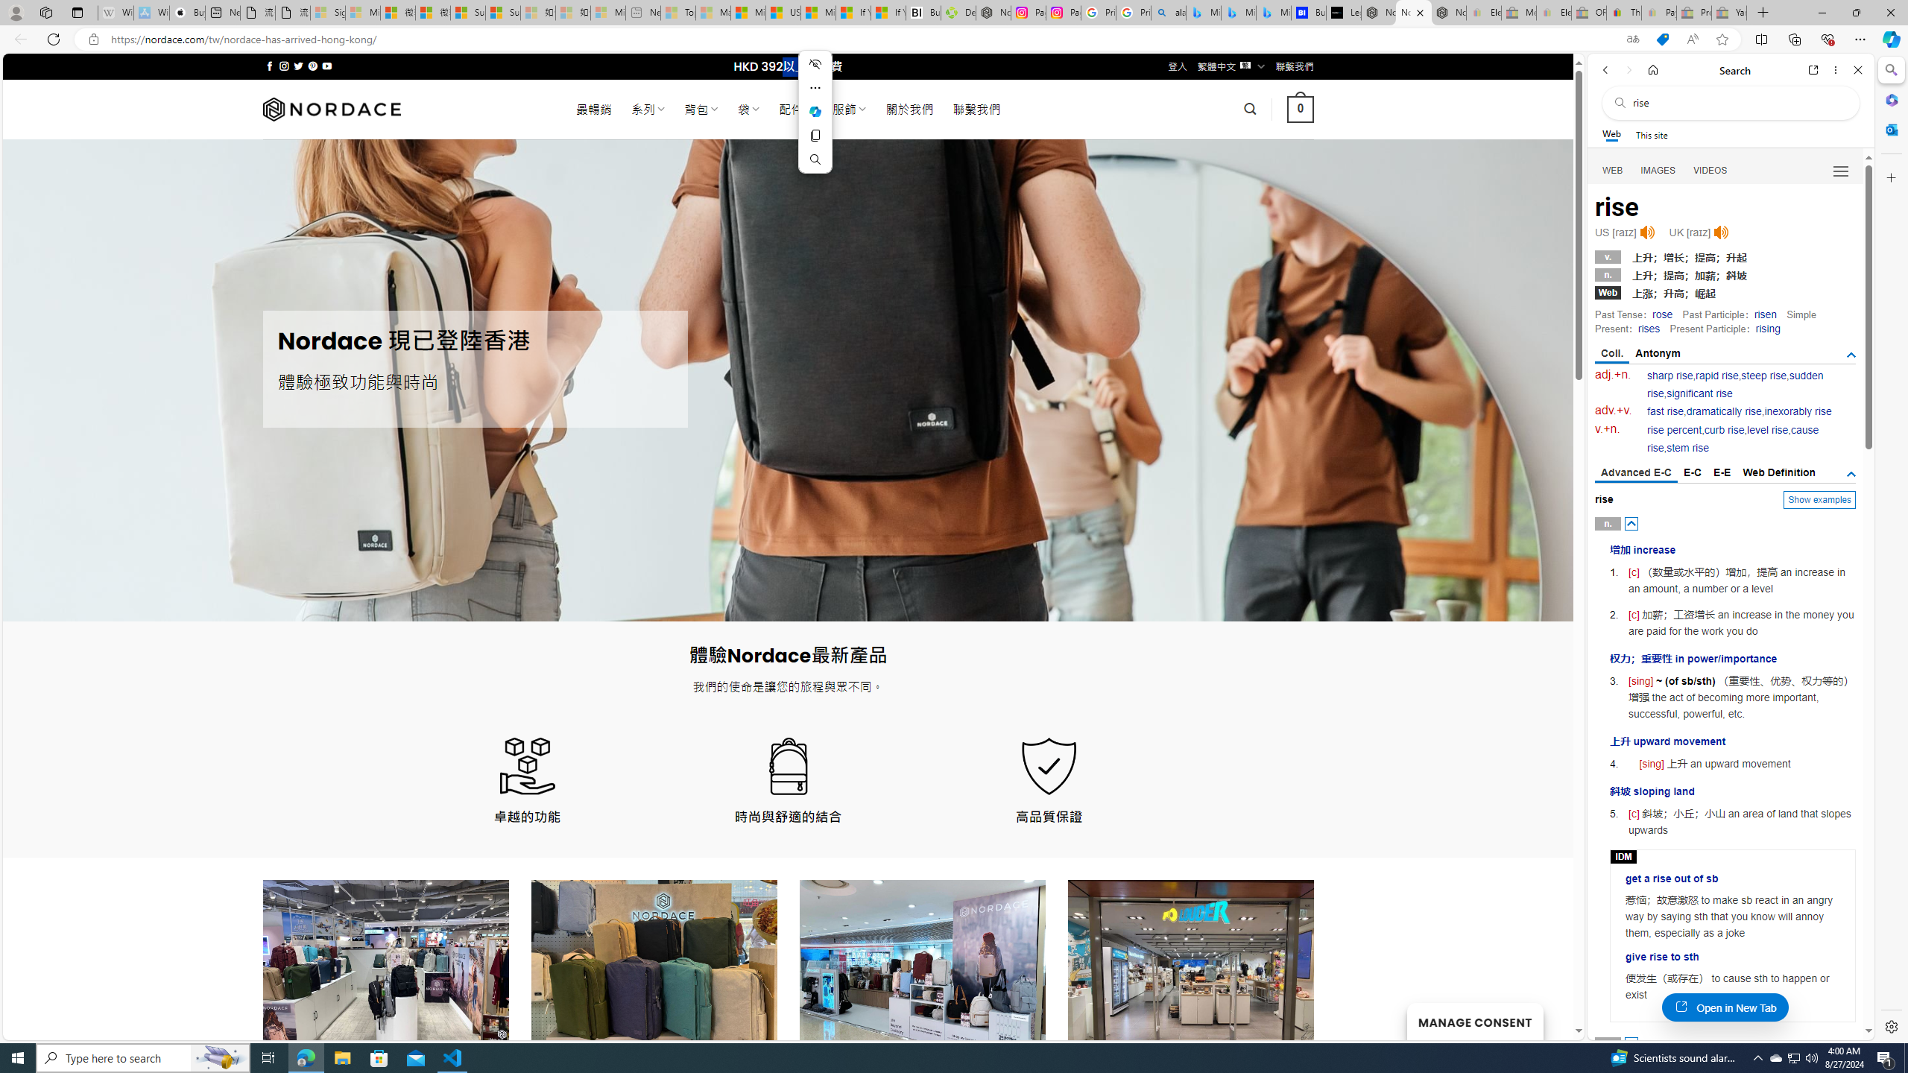 The width and height of the screenshot is (1908, 1073). I want to click on 'Microsoft Bing Travel - Shangri-La Hotel Bangkok', so click(1273, 12).